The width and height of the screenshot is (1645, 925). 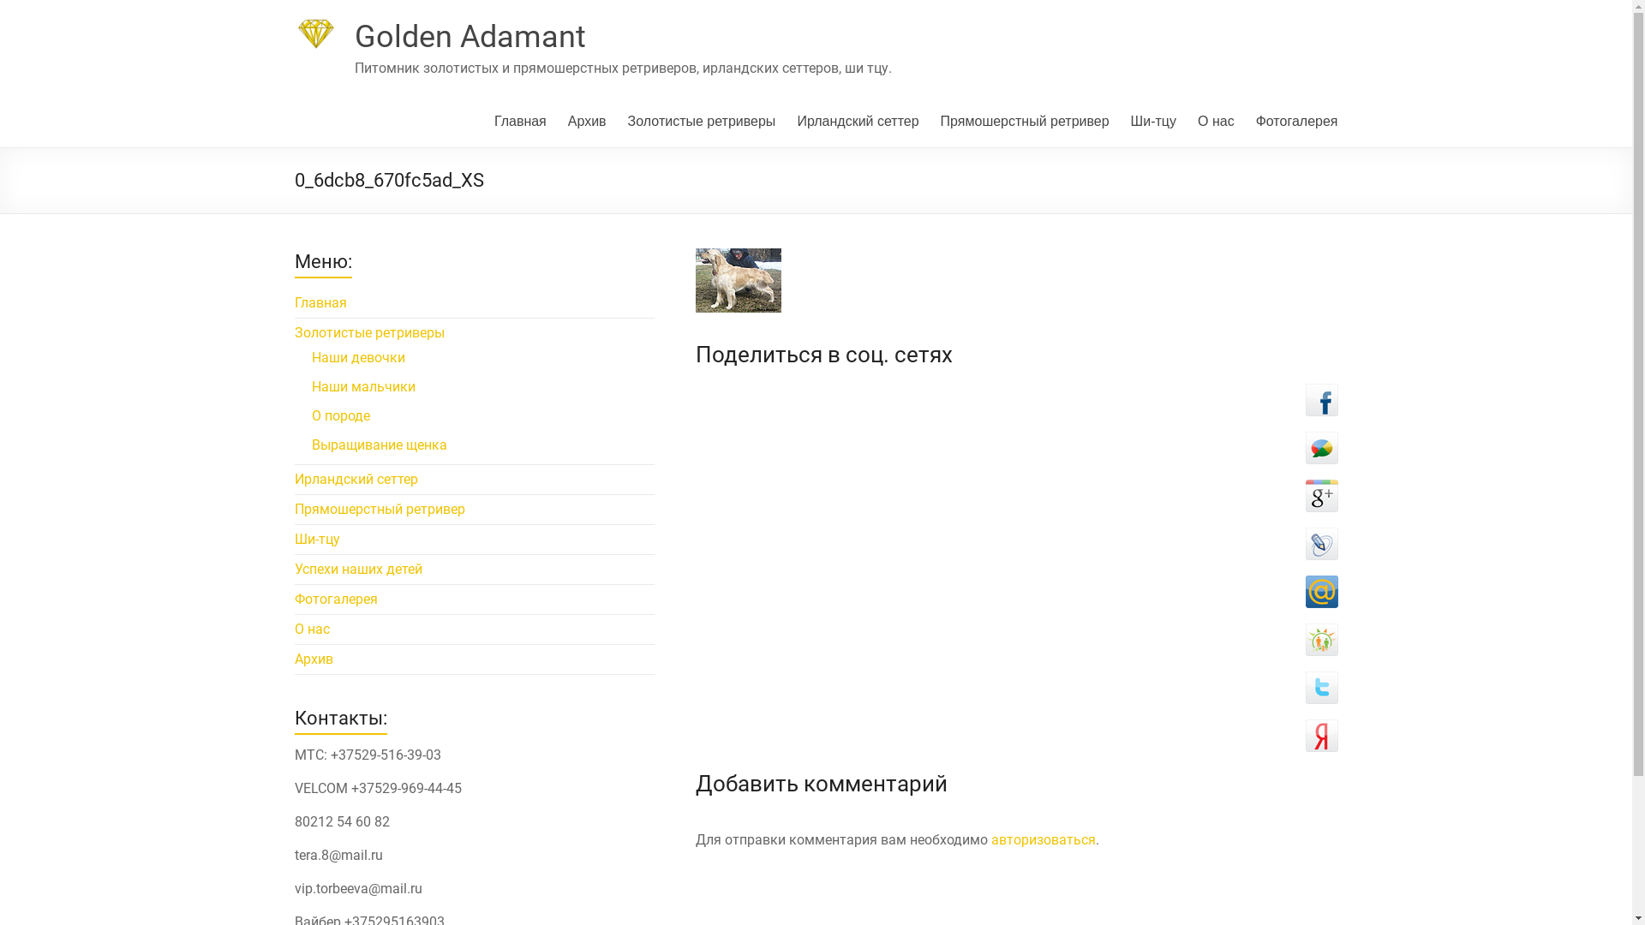 What do you see at coordinates (470, 36) in the screenshot?
I see `'Golden Adamant'` at bounding box center [470, 36].